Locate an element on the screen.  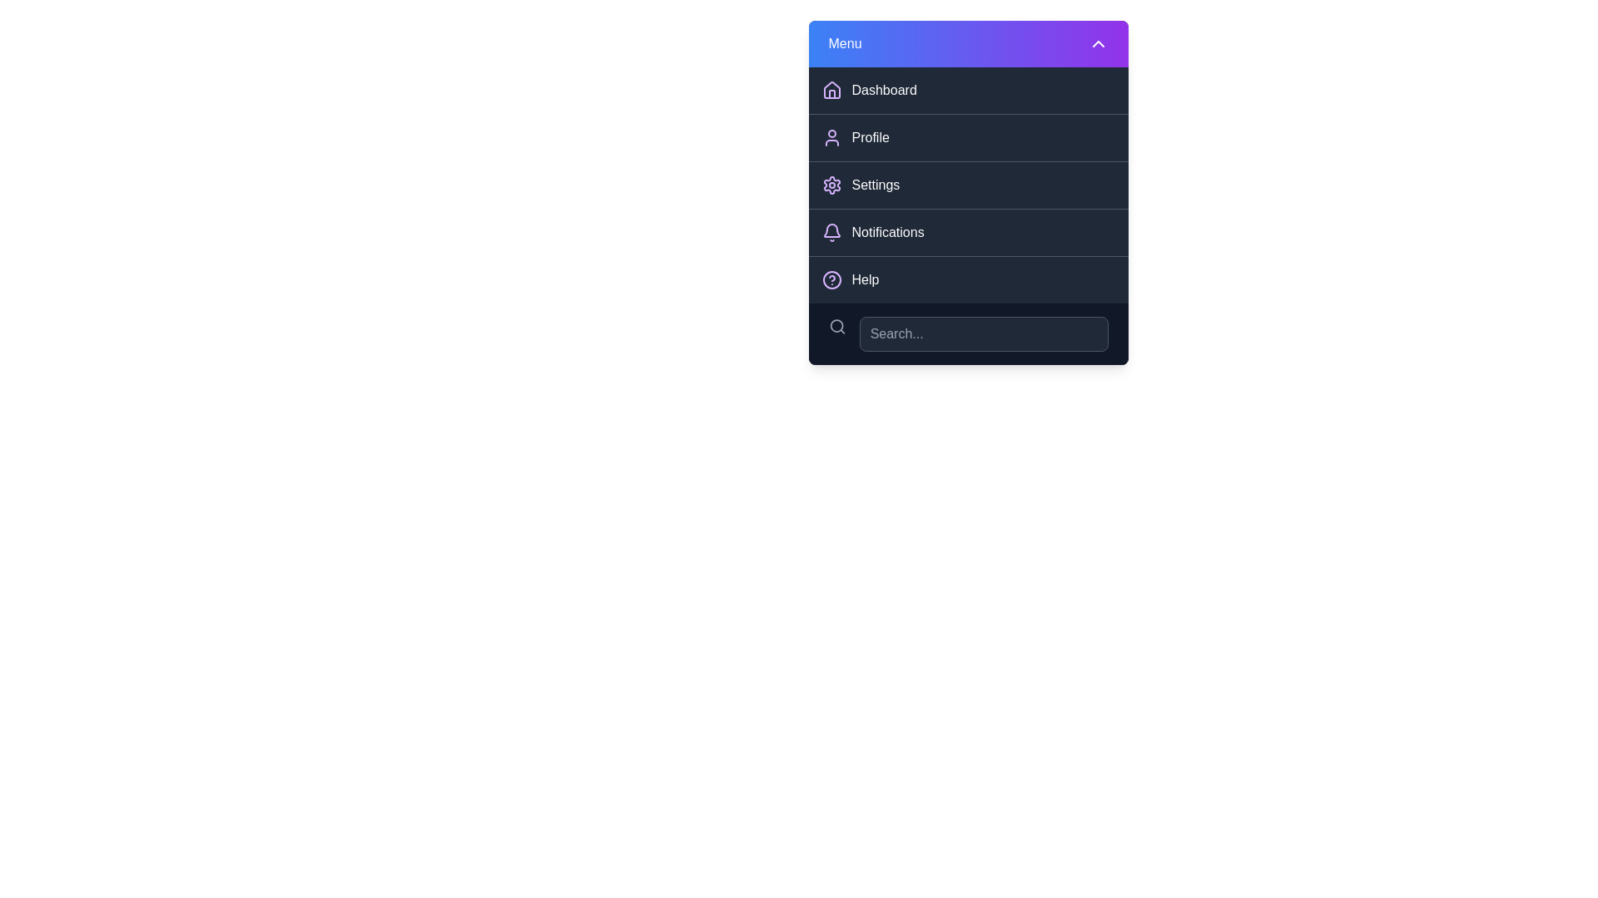
the first button in the menu list is located at coordinates (968, 90).